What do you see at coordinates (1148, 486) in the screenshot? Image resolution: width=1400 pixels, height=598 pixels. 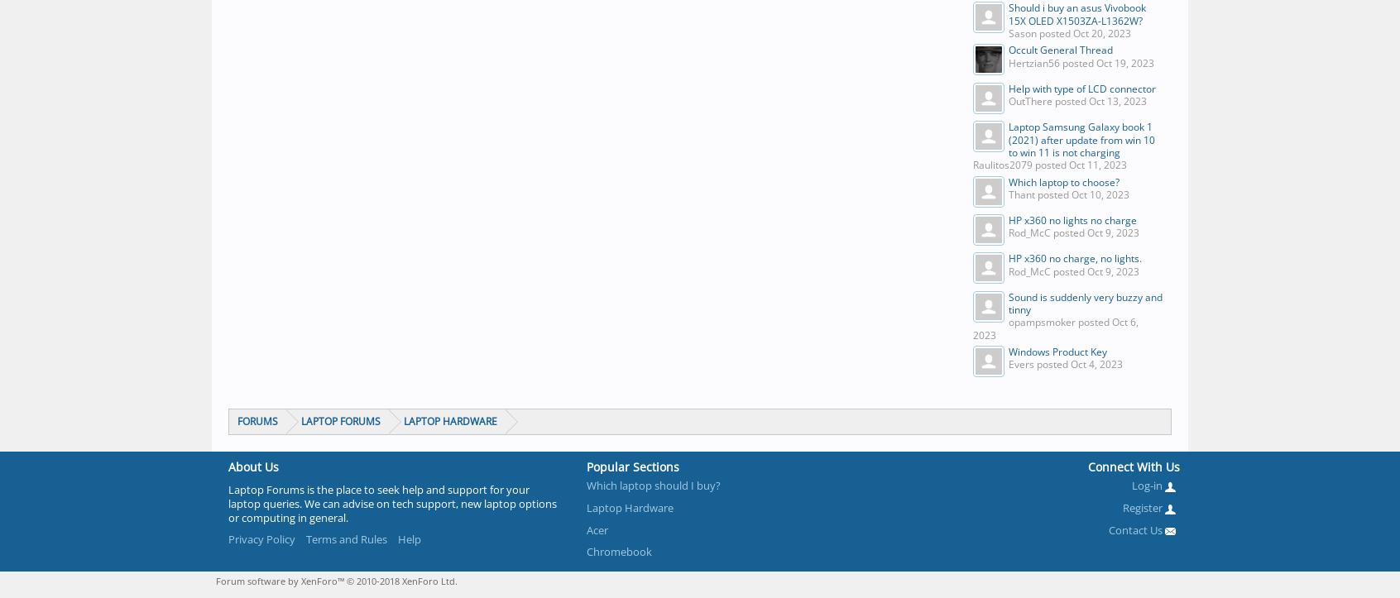 I see `'Log-in'` at bounding box center [1148, 486].